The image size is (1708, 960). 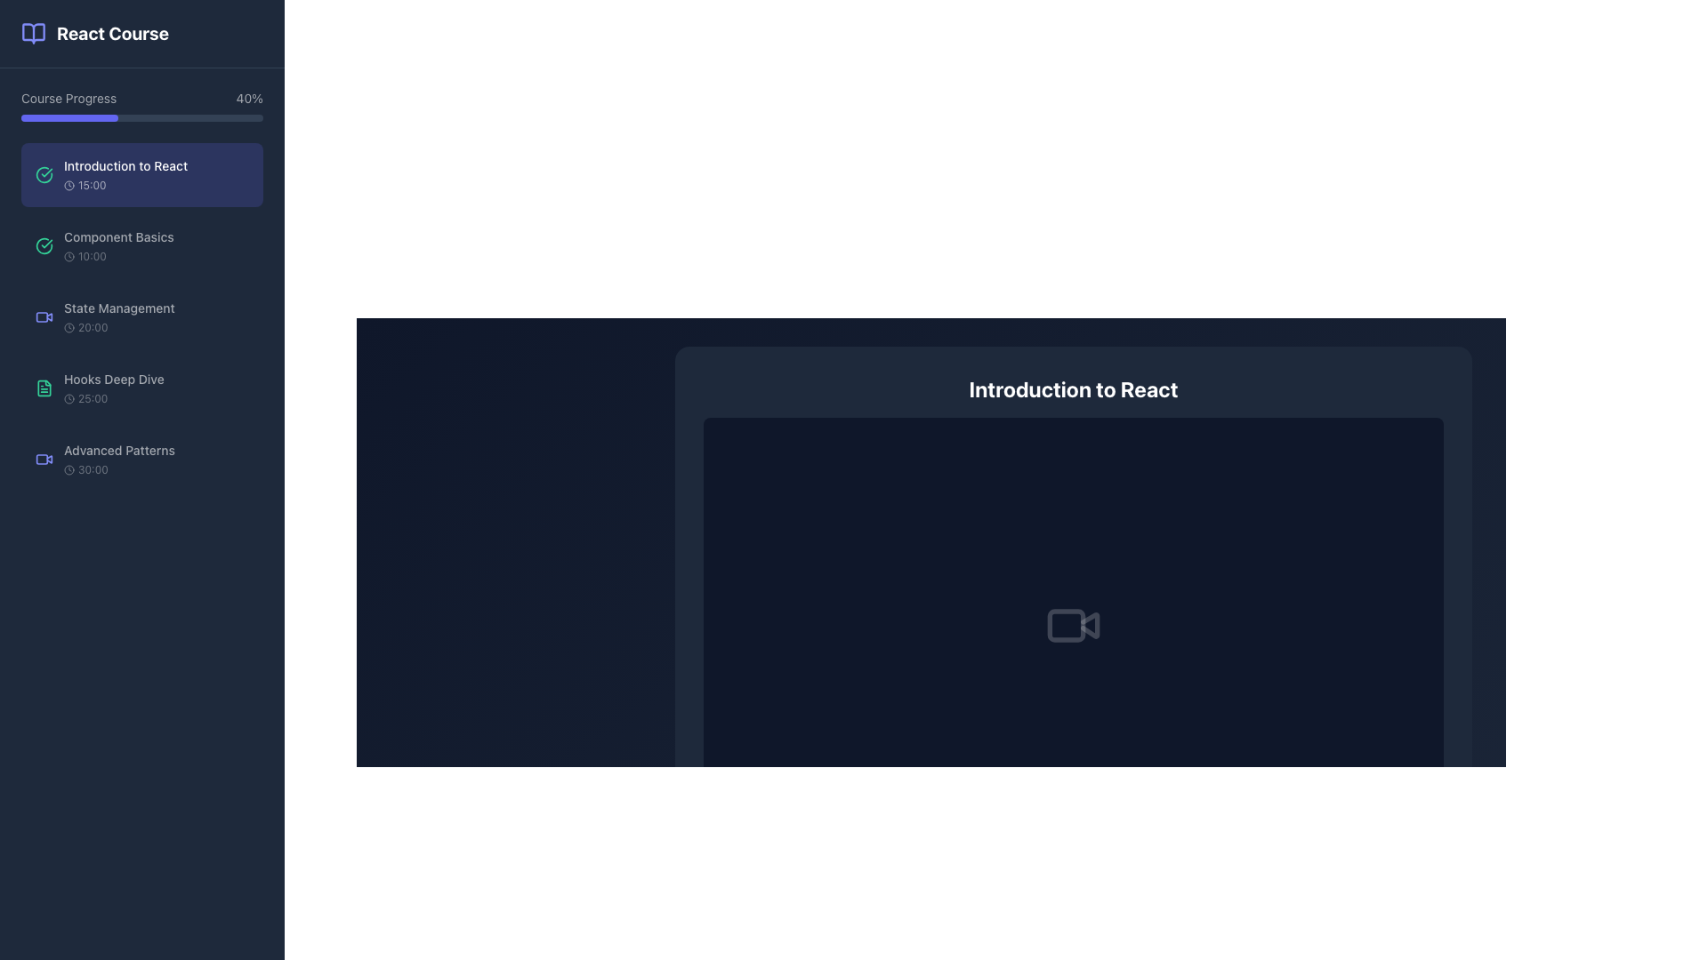 What do you see at coordinates (157, 379) in the screenshot?
I see `the text label displaying 'Hooks Deep Dive' located in the left panel under 'State Management' and above 'Advanced Patterns'` at bounding box center [157, 379].